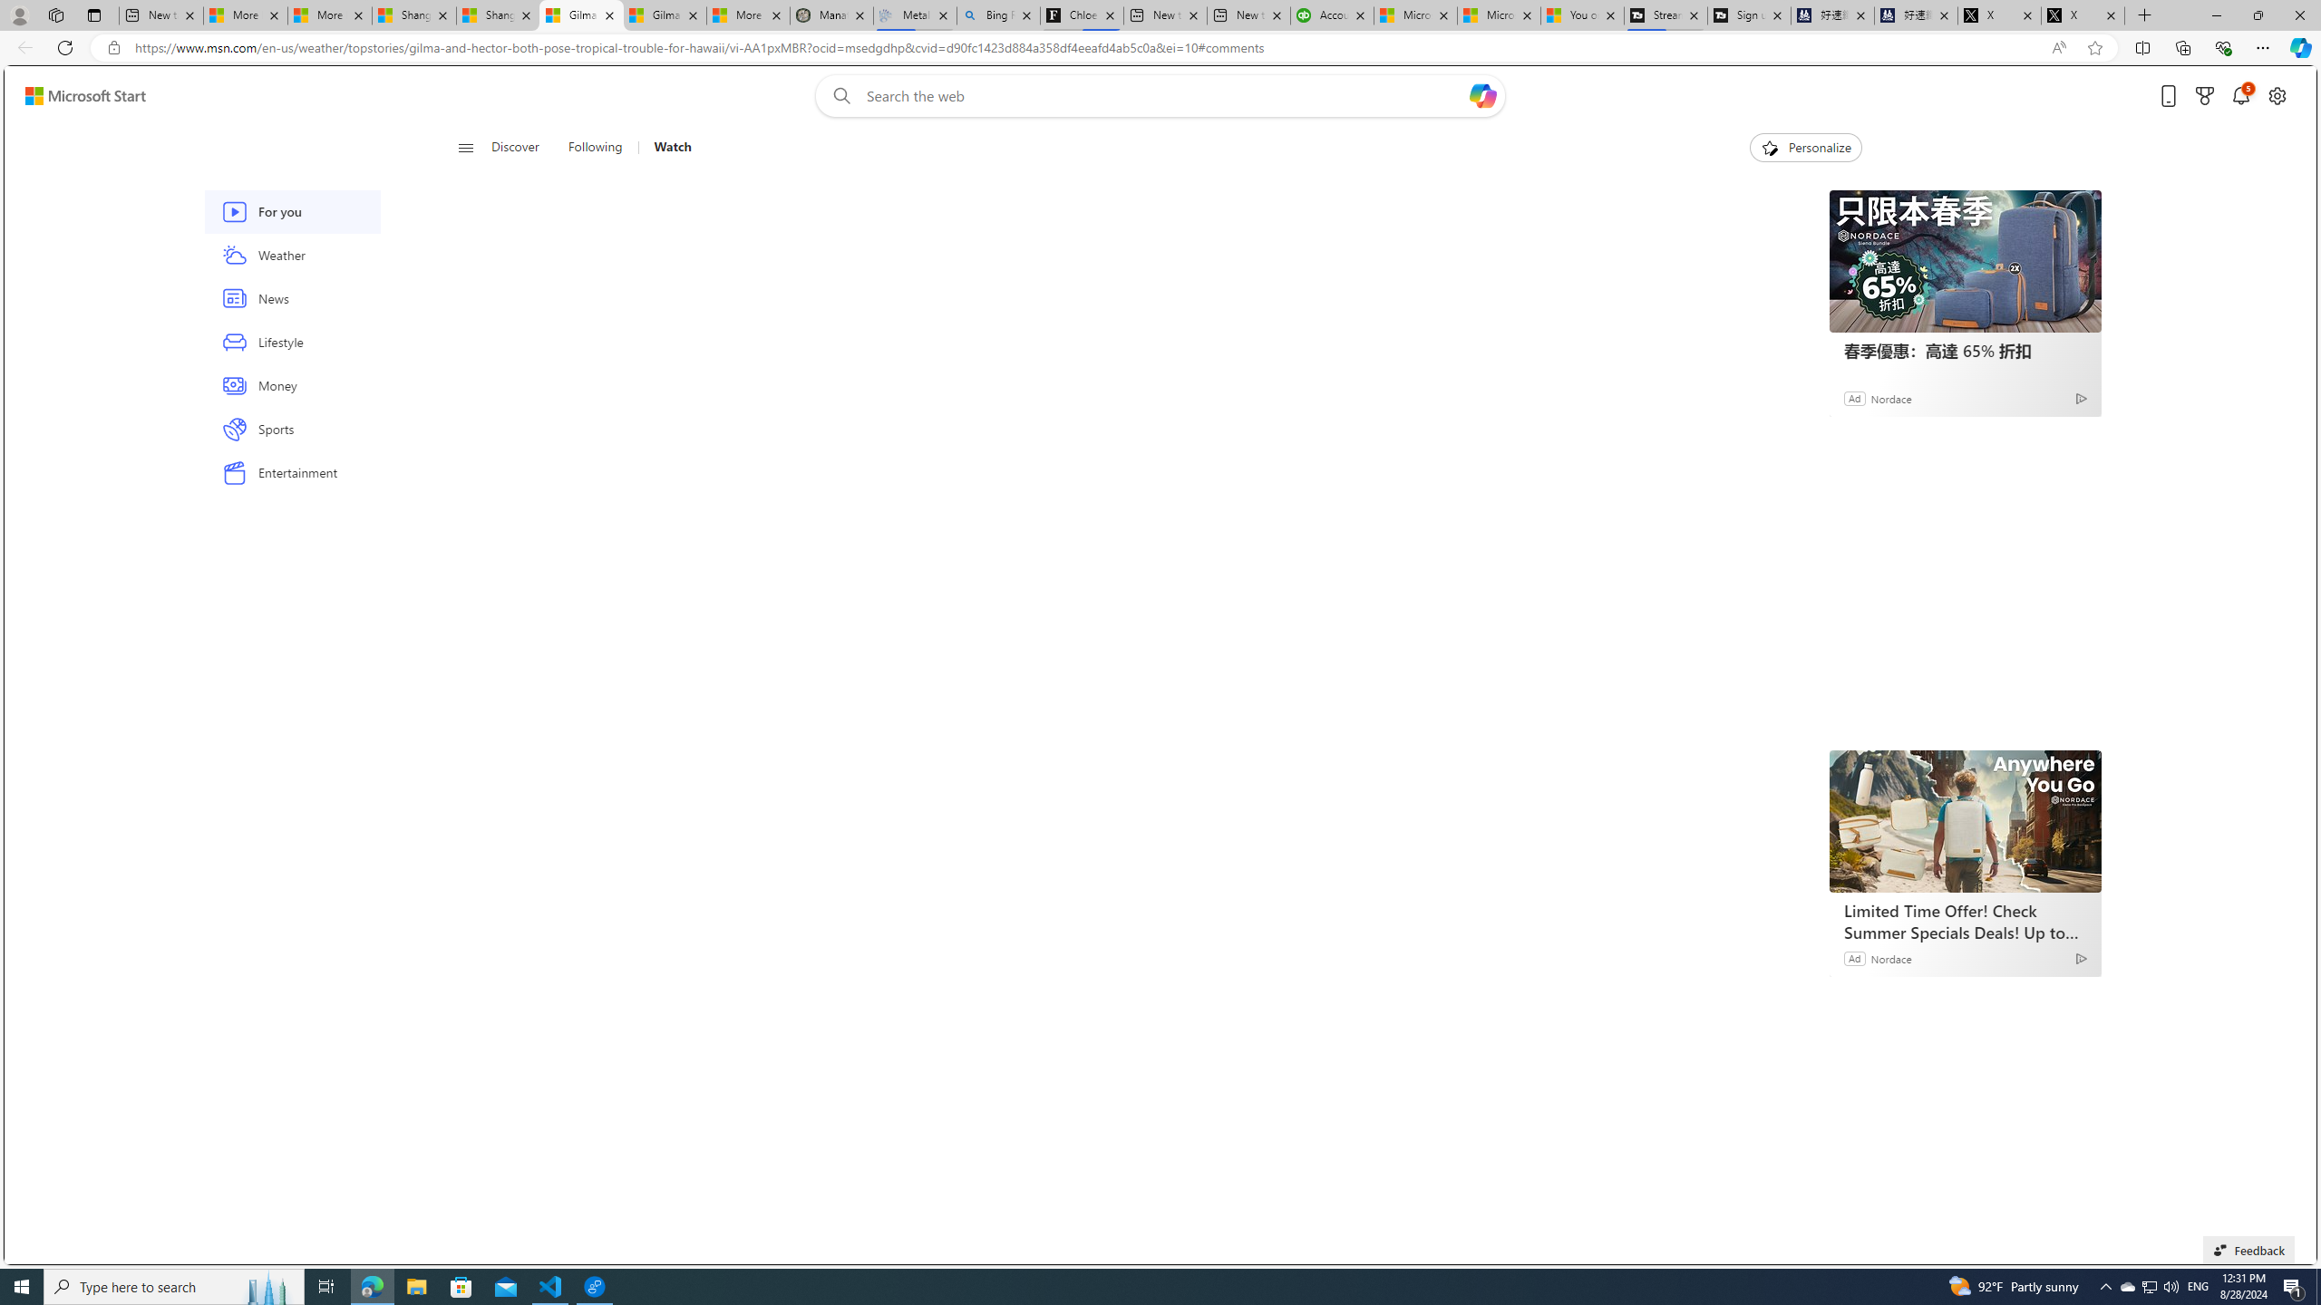  I want to click on 'Web search', so click(839, 96).